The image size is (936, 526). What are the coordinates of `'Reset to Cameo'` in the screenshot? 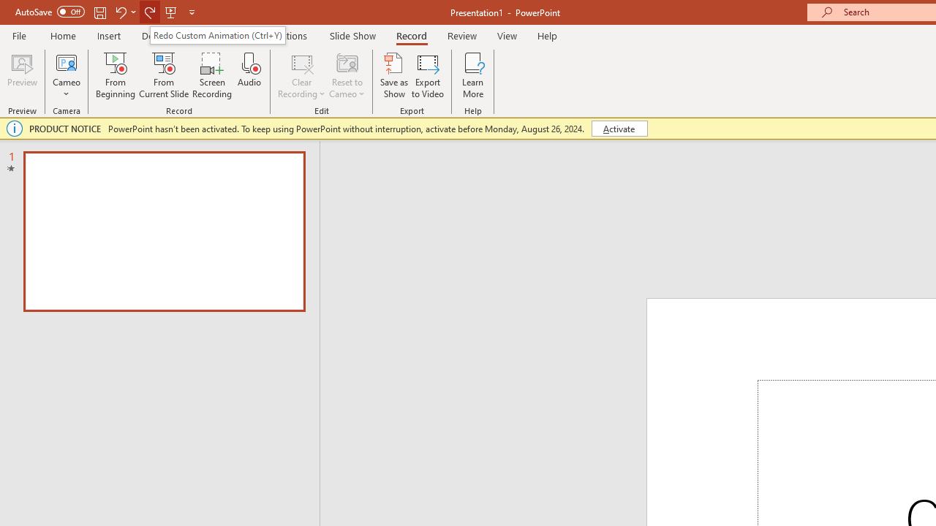 It's located at (346, 75).